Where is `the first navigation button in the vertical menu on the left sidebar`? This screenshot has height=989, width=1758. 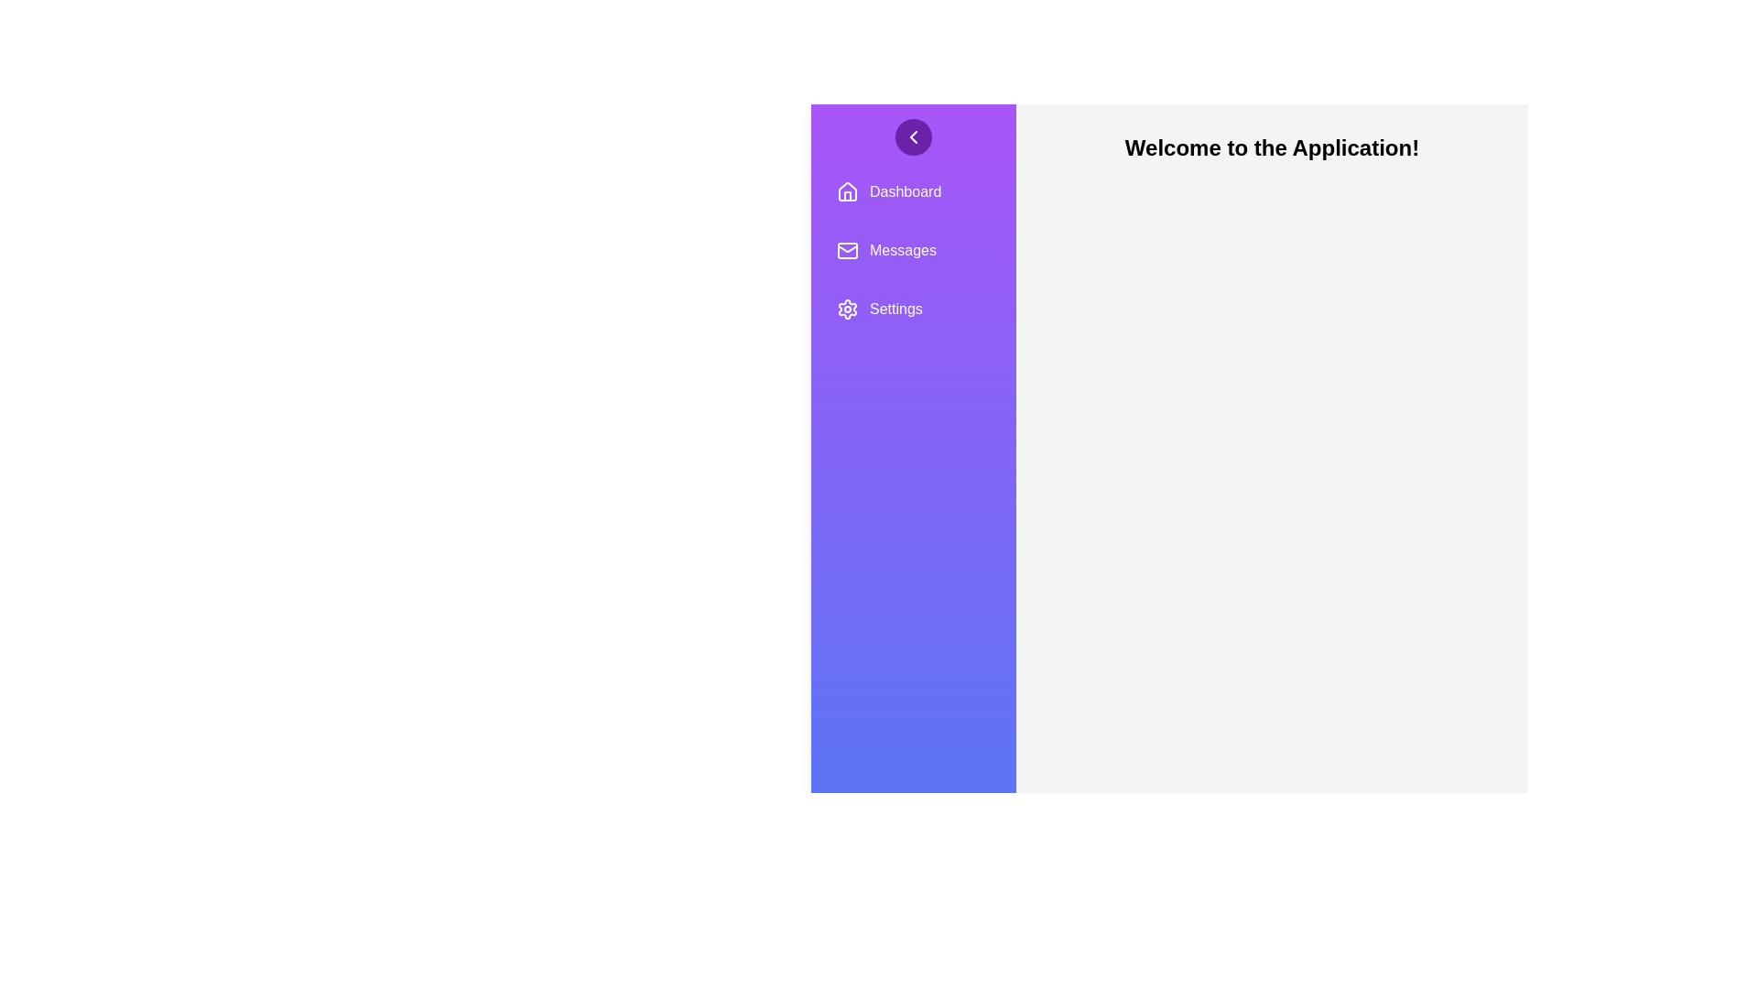 the first navigation button in the vertical menu on the left sidebar is located at coordinates (914, 191).